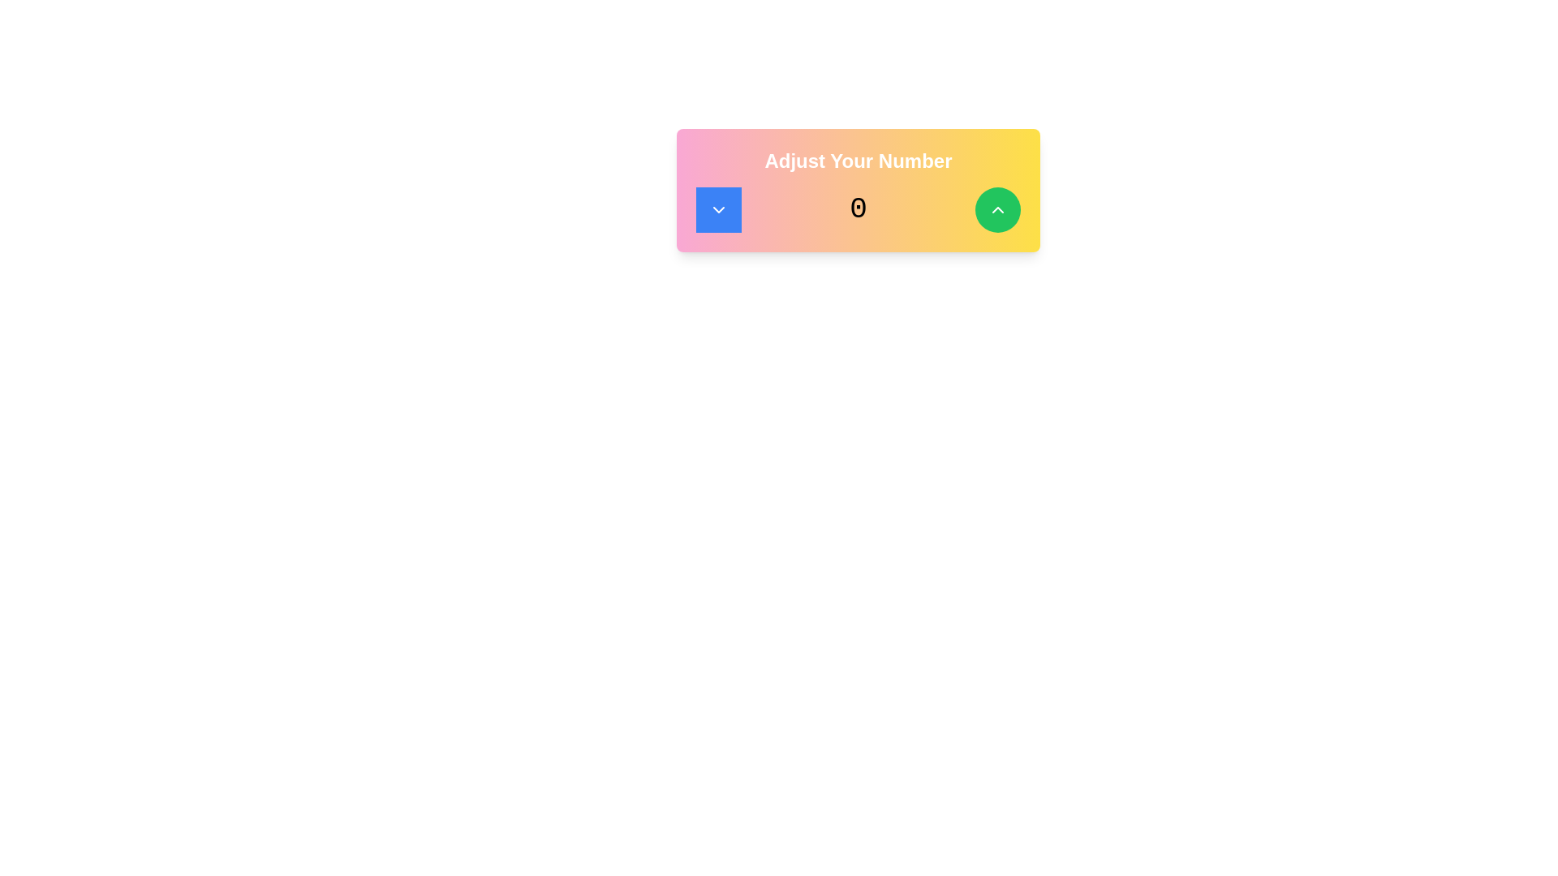  I want to click on the downward-facing chevron icon located in the center of a blue circular button on the leftmost side of a gradient-colored panel labeled 'Adjust Your Number' to trigger a tooltip or visual feedback, so click(718, 208).